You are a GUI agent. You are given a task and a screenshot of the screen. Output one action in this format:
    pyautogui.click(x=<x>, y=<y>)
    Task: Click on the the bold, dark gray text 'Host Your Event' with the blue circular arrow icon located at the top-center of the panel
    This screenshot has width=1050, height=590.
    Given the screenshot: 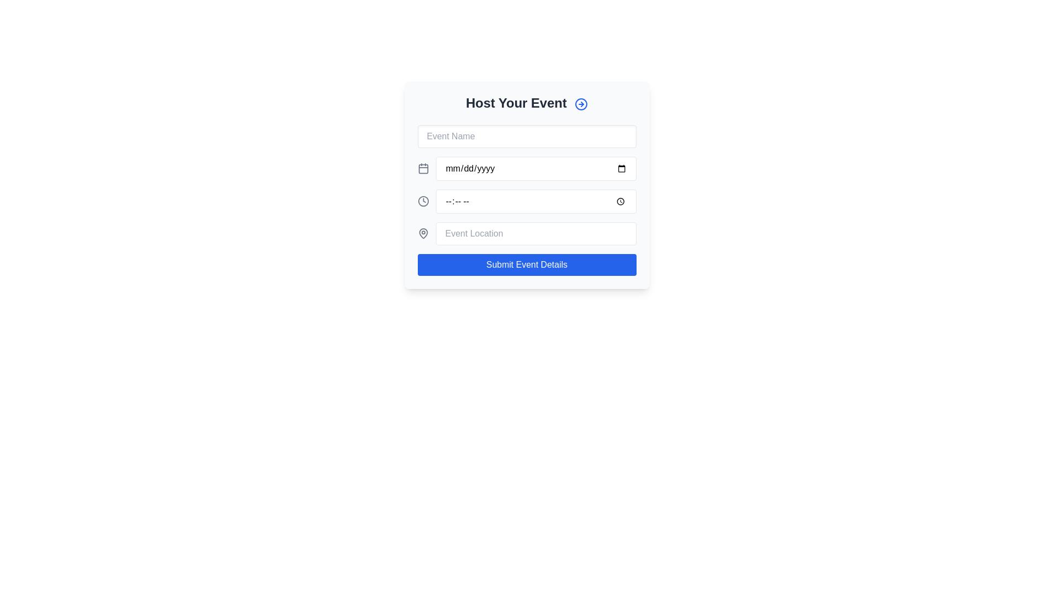 What is the action you would take?
    pyautogui.click(x=527, y=103)
    